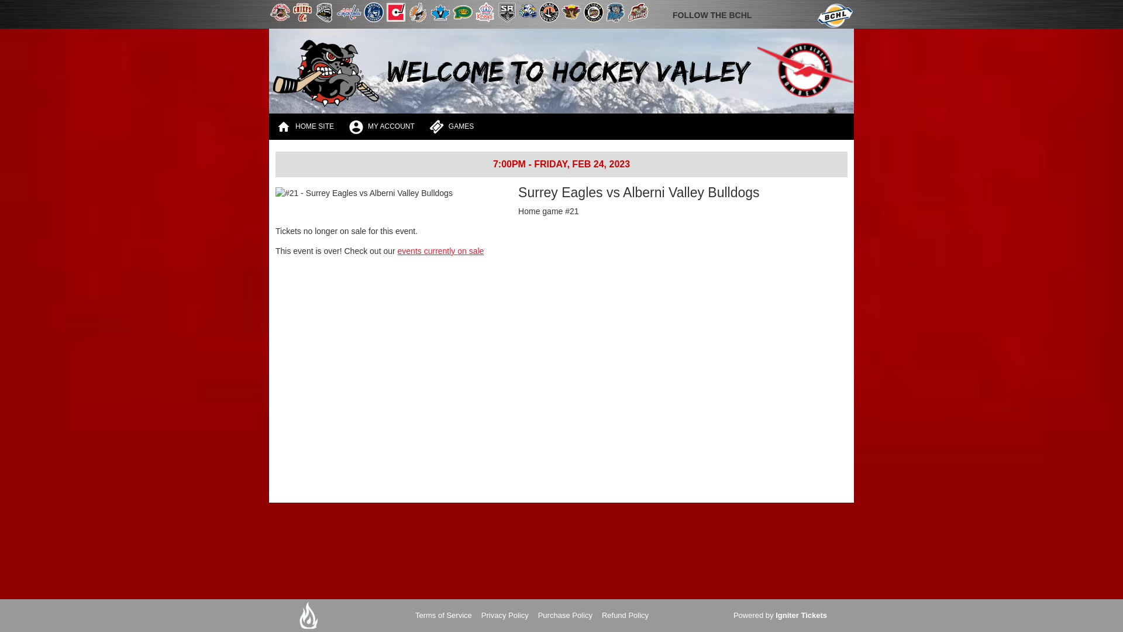  What do you see at coordinates (451, 126) in the screenshot?
I see `'GAMES'` at bounding box center [451, 126].